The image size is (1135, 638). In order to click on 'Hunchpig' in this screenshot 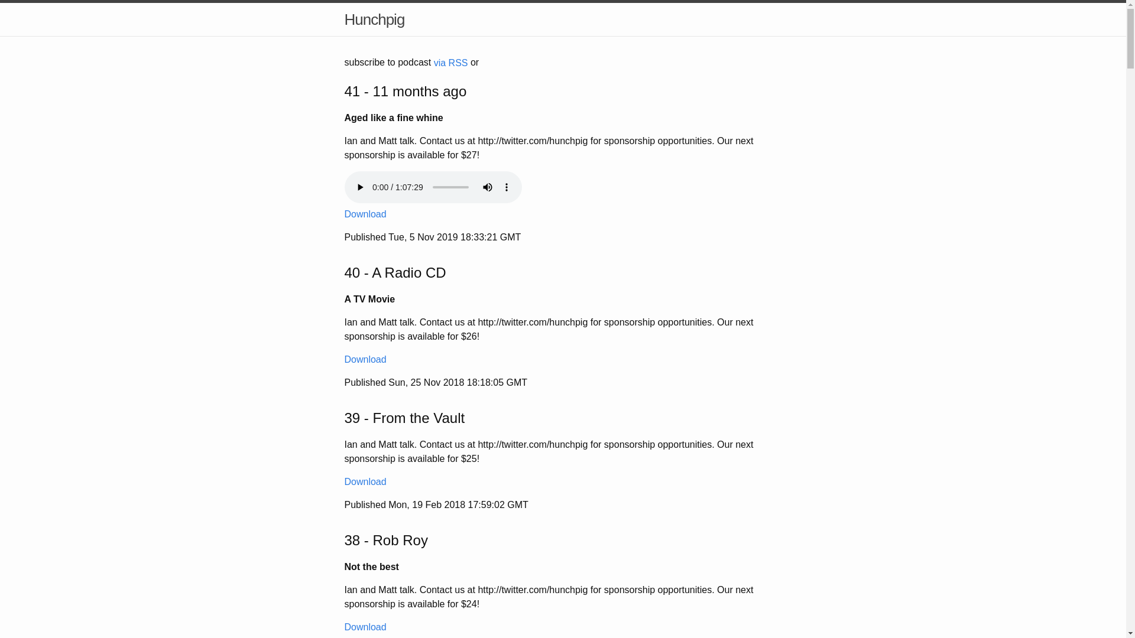, I will do `click(374, 19)`.